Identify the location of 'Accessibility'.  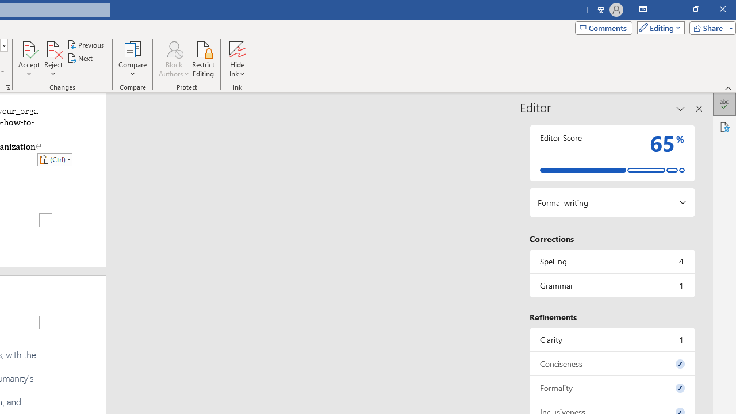
(724, 127).